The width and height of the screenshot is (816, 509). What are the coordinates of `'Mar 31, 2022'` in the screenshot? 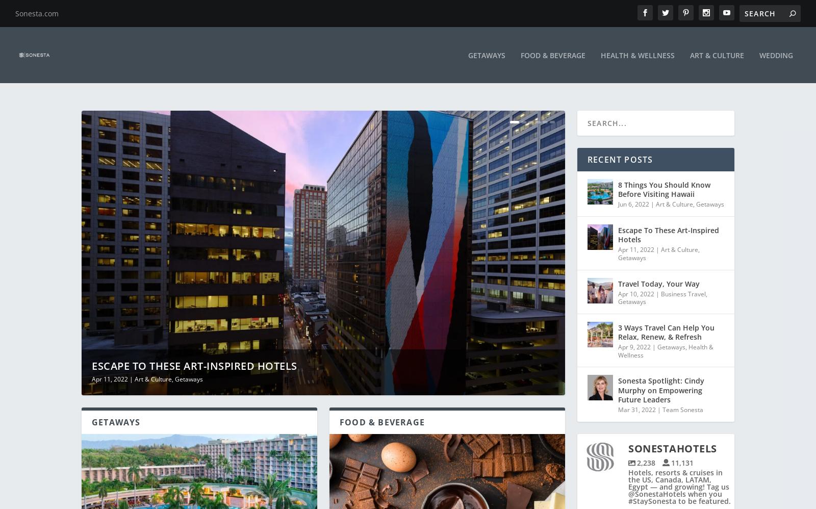 It's located at (636, 402).